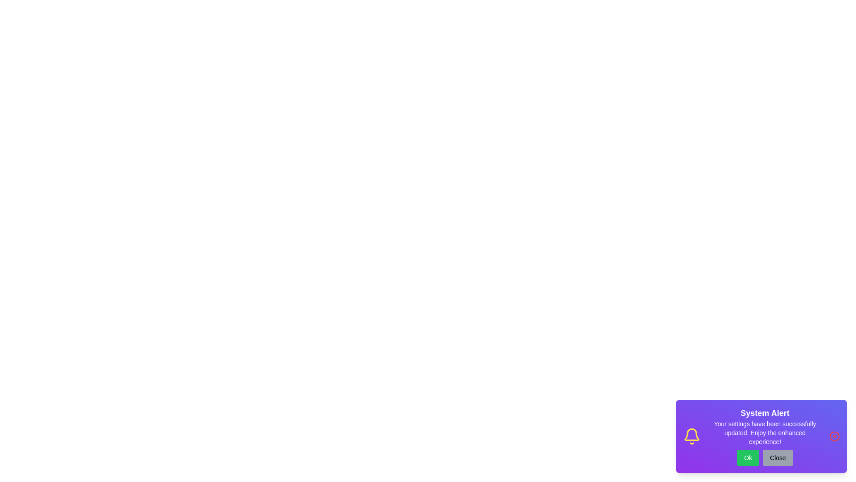  What do you see at coordinates (777, 458) in the screenshot?
I see `the 'Close' button to dismiss the notification` at bounding box center [777, 458].